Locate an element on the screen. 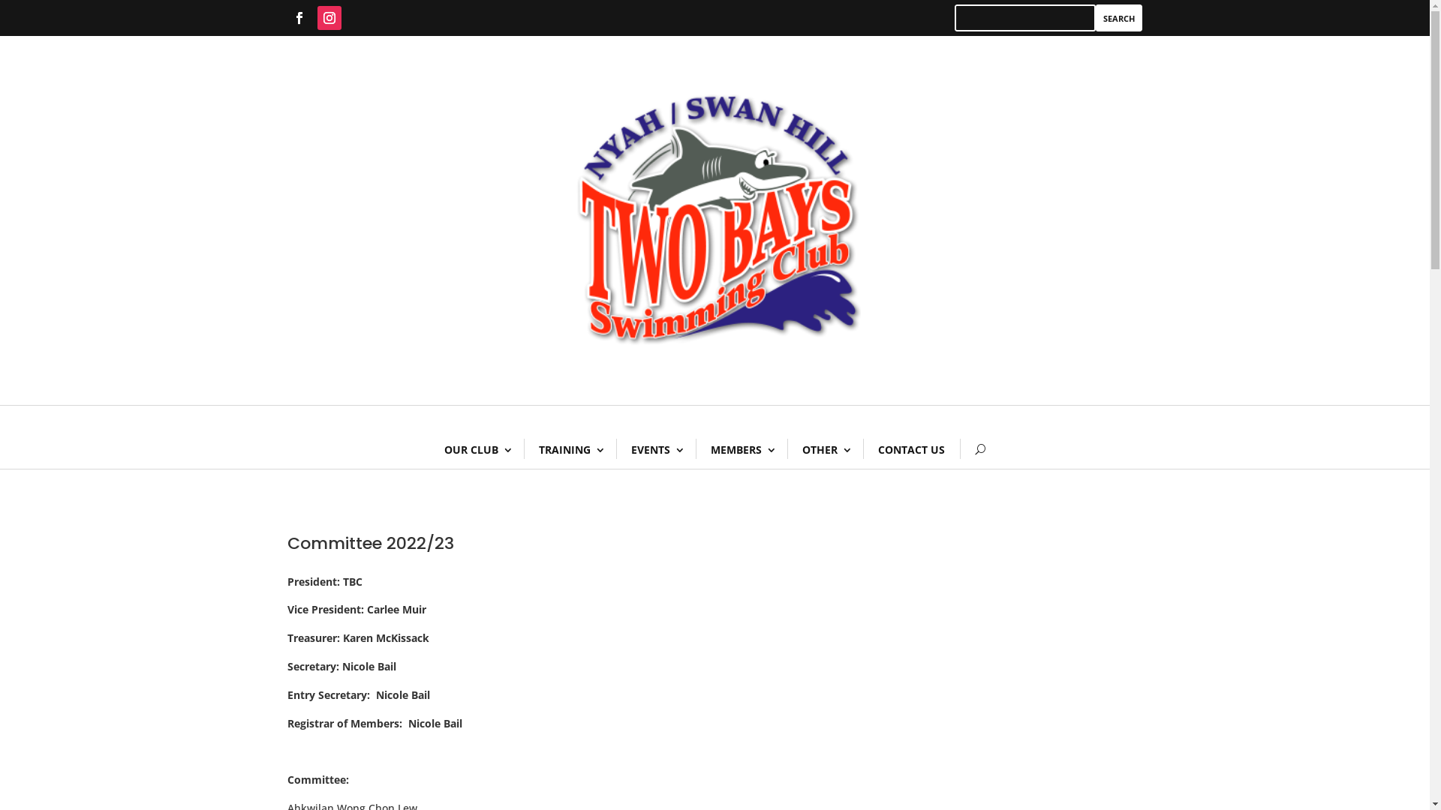  'Search' is located at coordinates (1095, 17).